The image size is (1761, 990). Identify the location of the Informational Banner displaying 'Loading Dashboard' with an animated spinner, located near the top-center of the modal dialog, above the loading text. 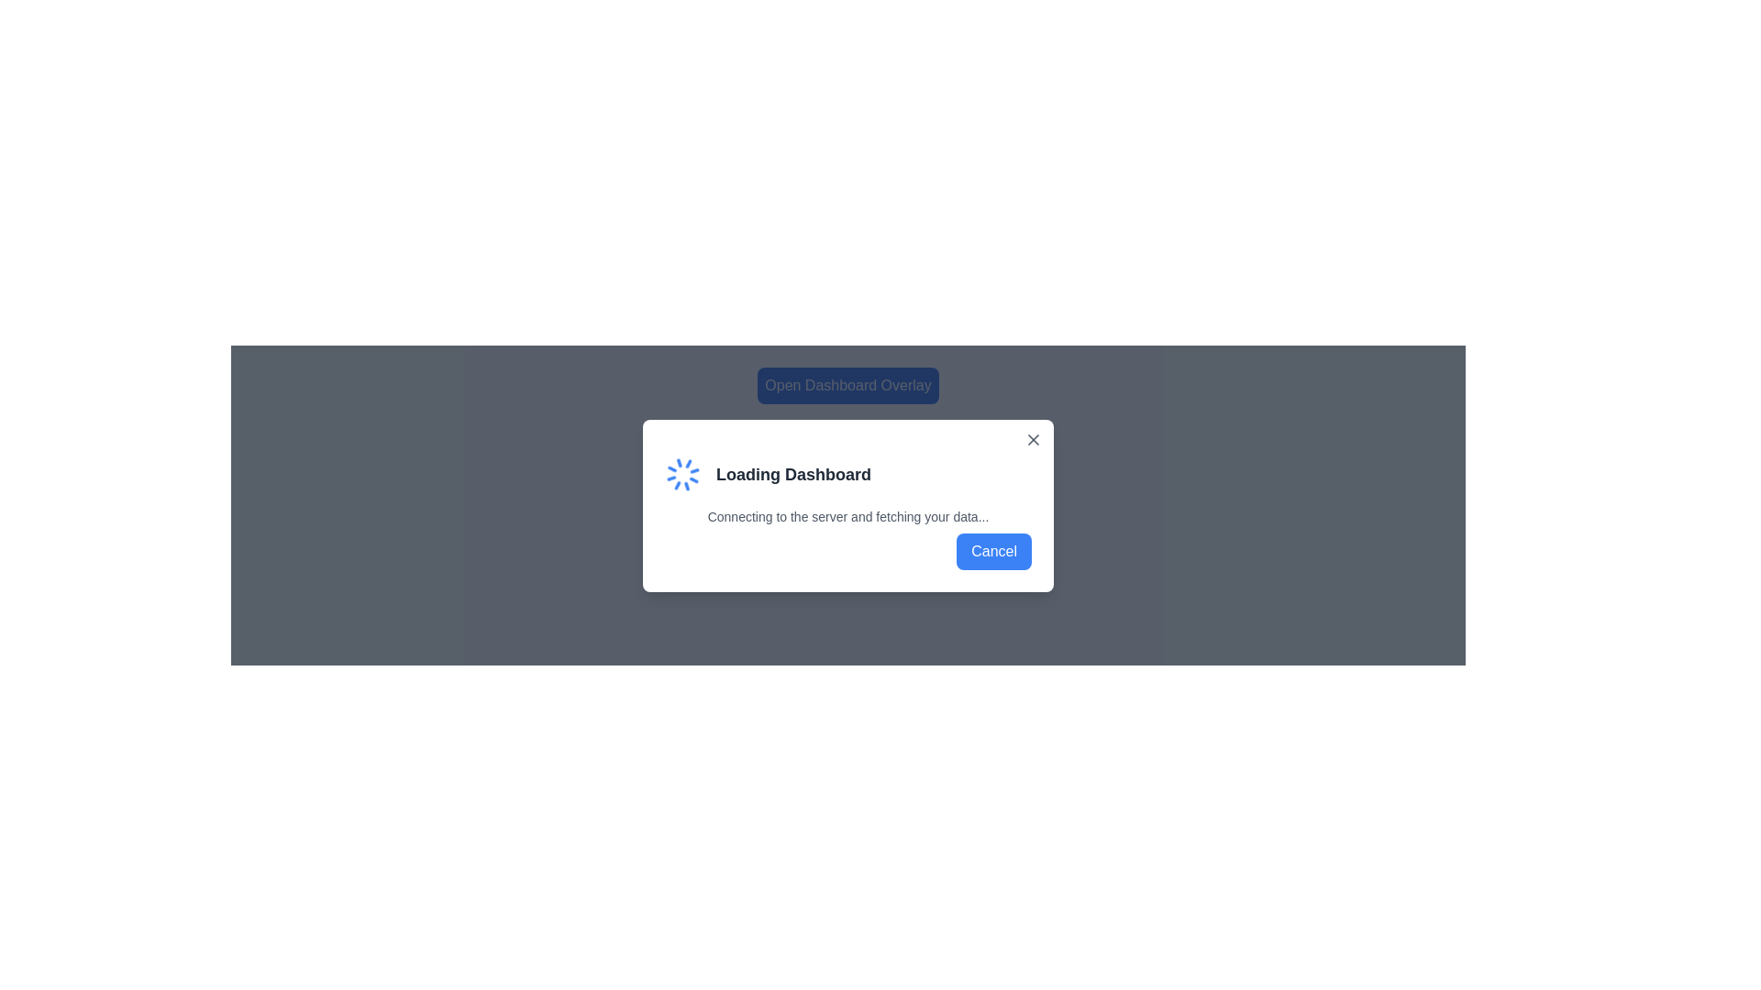
(847, 473).